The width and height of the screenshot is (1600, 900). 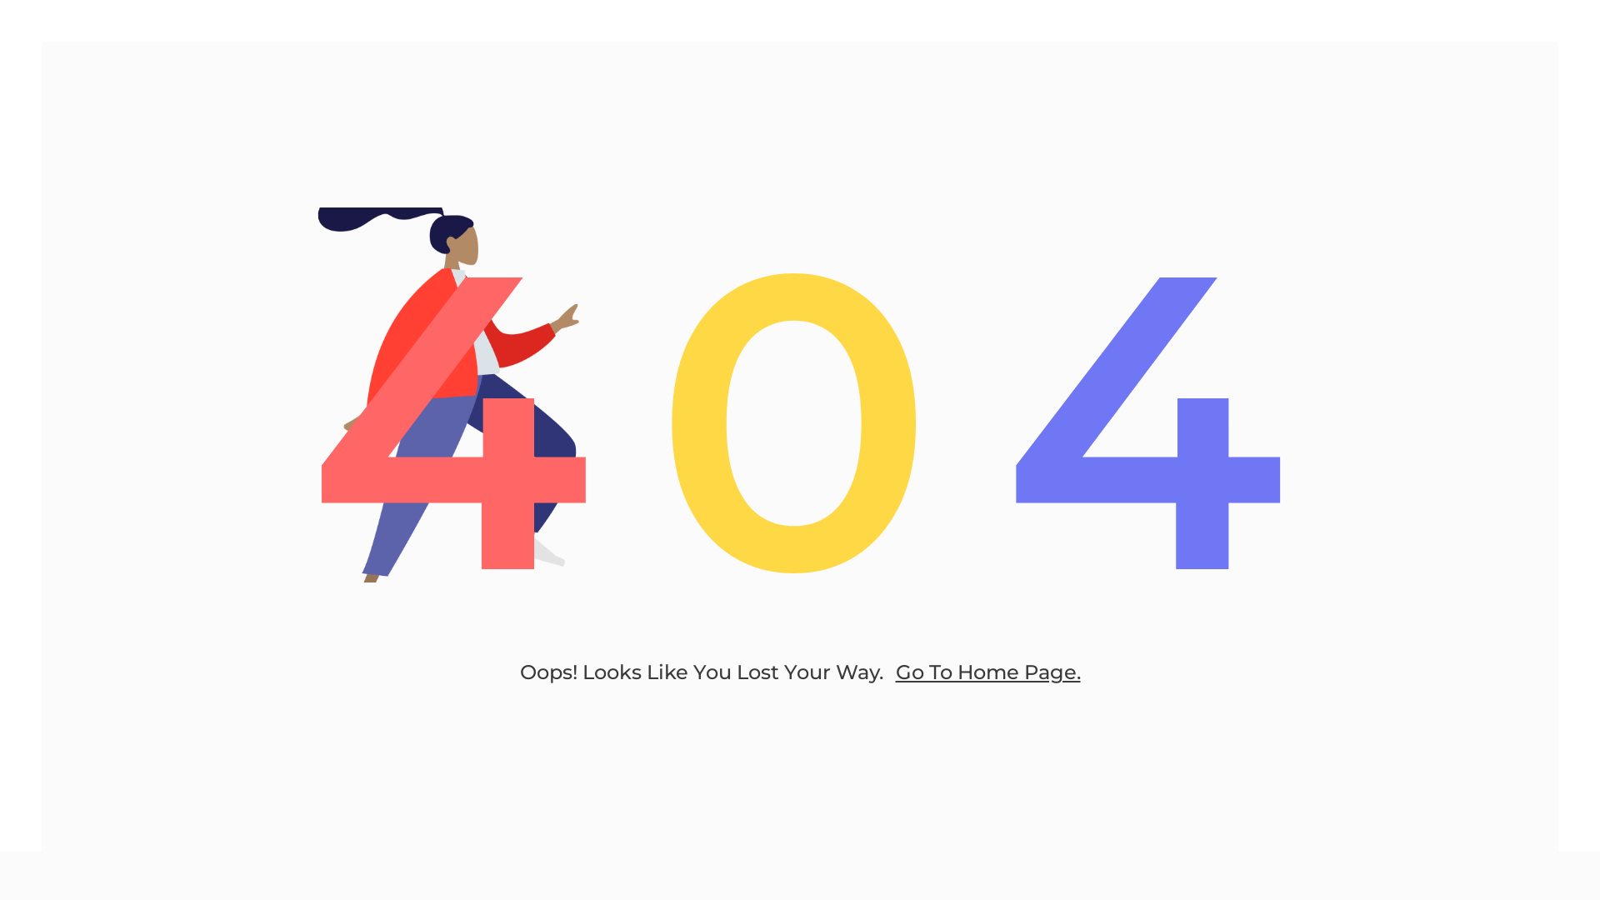 I want to click on 'Go To Home Page.', so click(x=987, y=671).